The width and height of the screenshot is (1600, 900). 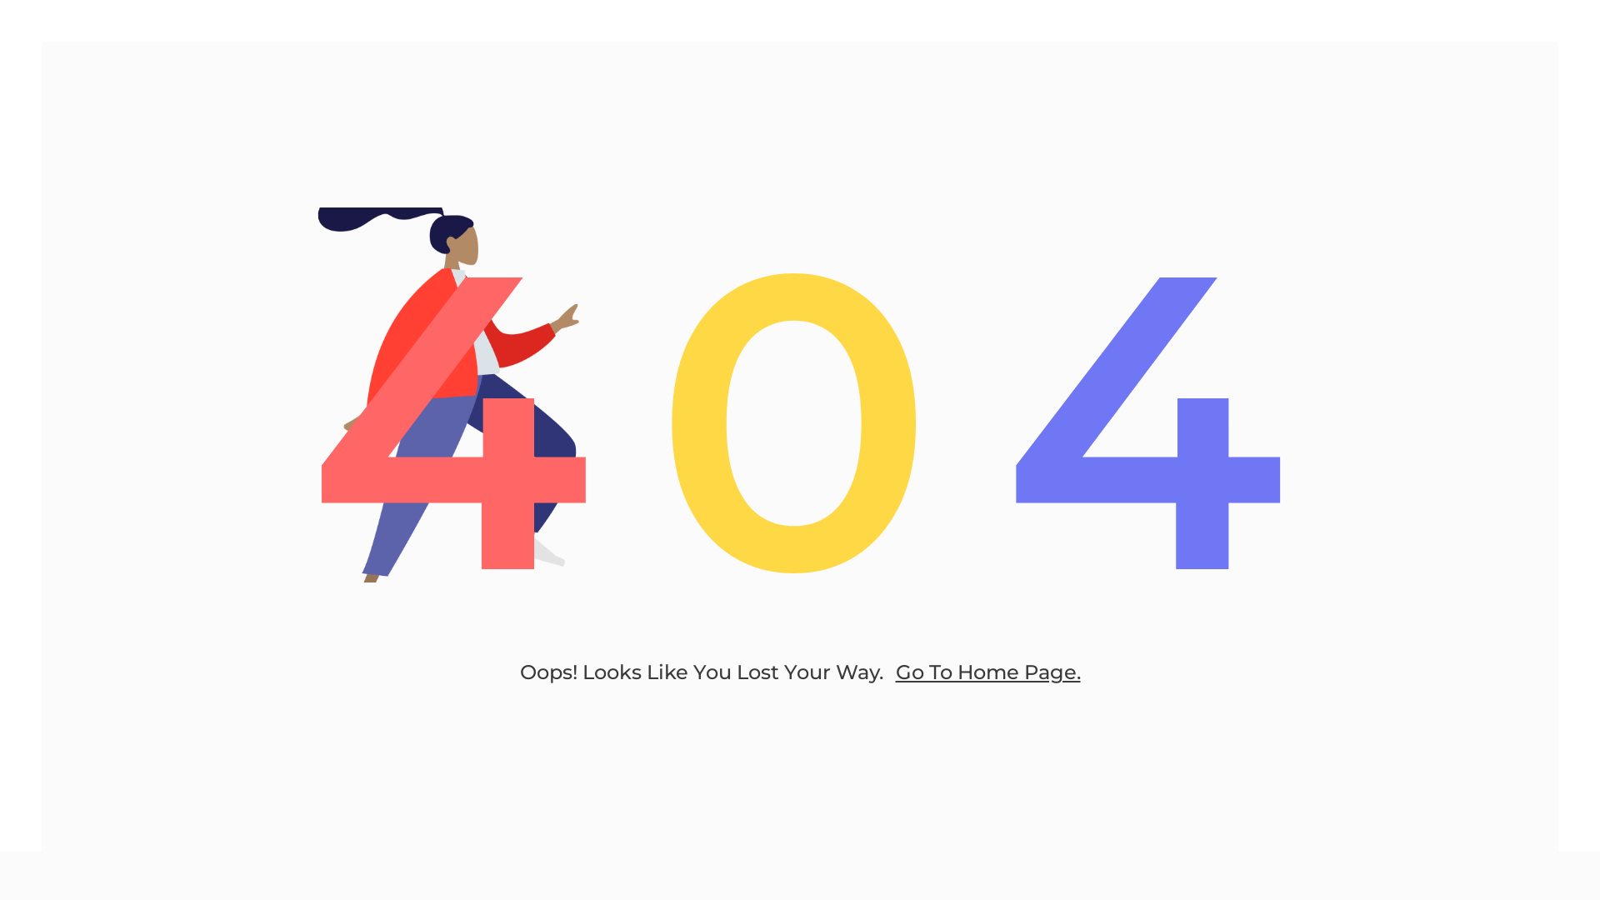 I want to click on 'Go To Home Page.', so click(x=987, y=671).